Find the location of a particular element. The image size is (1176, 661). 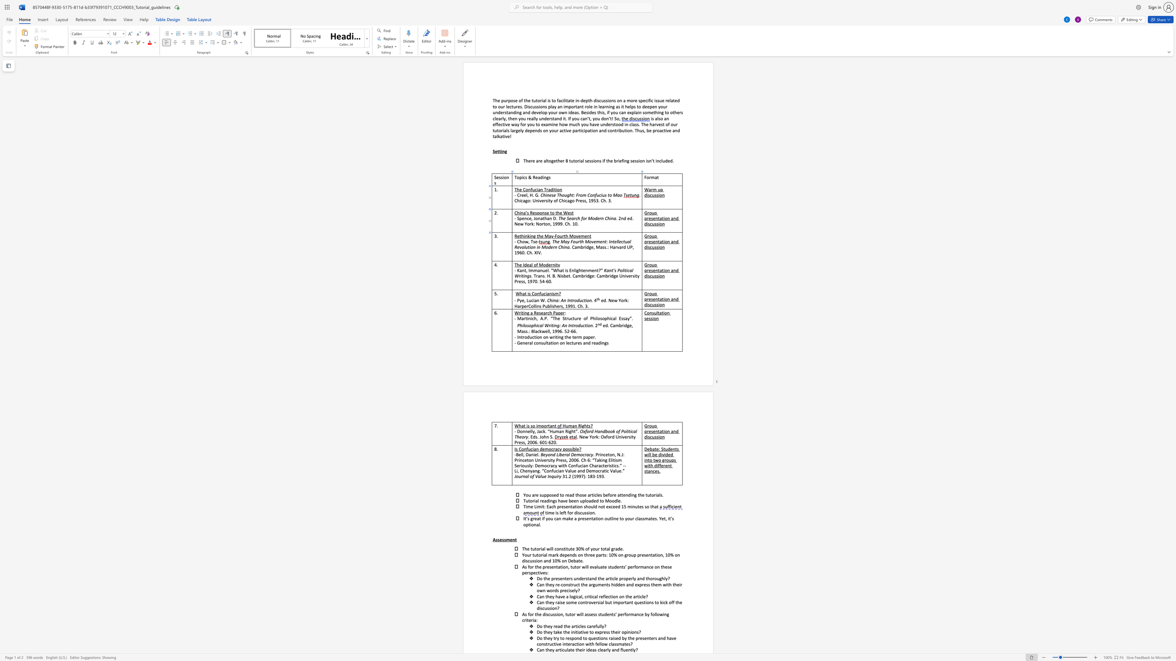

the 1th character "r" in the text is located at coordinates (562, 235).